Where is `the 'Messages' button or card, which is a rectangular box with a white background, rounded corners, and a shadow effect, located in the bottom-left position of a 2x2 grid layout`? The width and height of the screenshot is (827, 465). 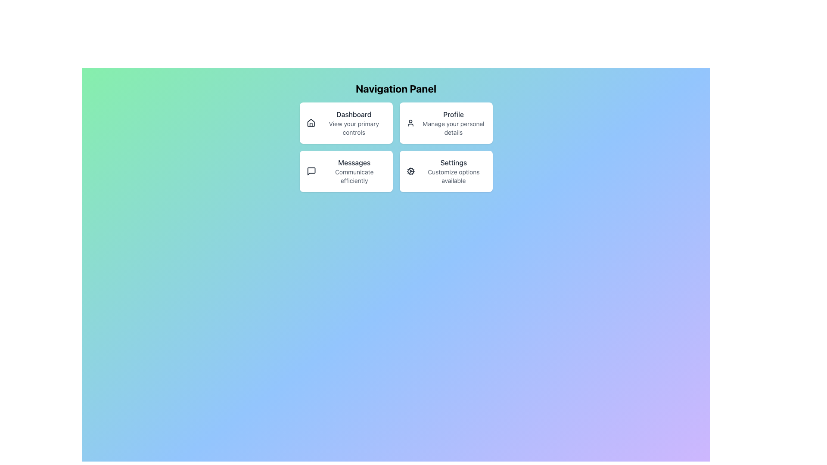 the 'Messages' button or card, which is a rectangular box with a white background, rounded corners, and a shadow effect, located in the bottom-left position of a 2x2 grid layout is located at coordinates (346, 171).